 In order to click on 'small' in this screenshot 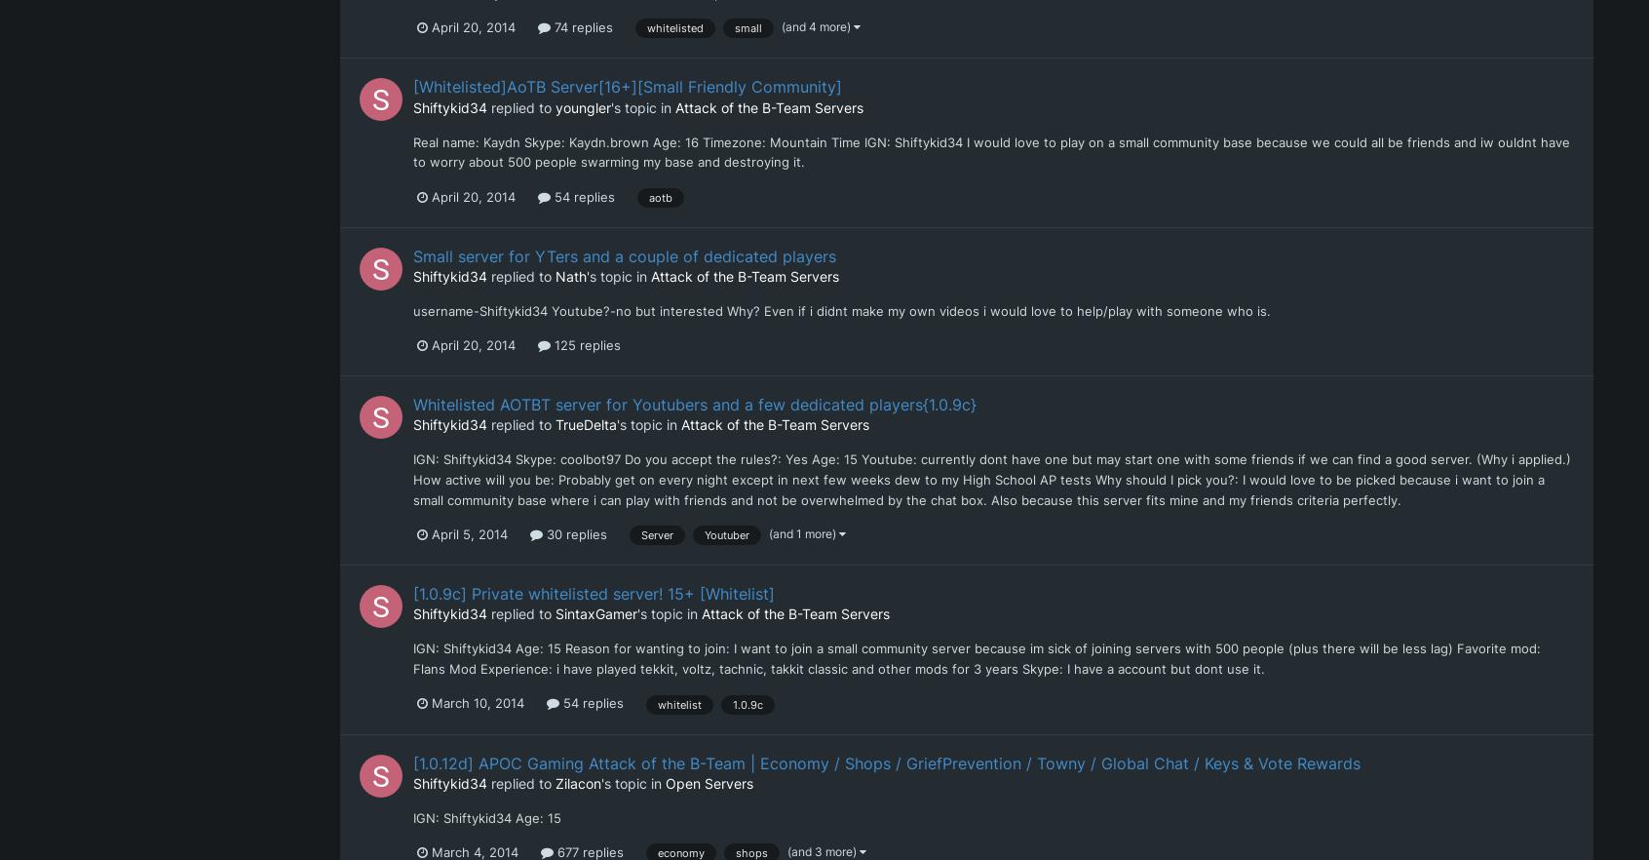, I will do `click(733, 28)`.